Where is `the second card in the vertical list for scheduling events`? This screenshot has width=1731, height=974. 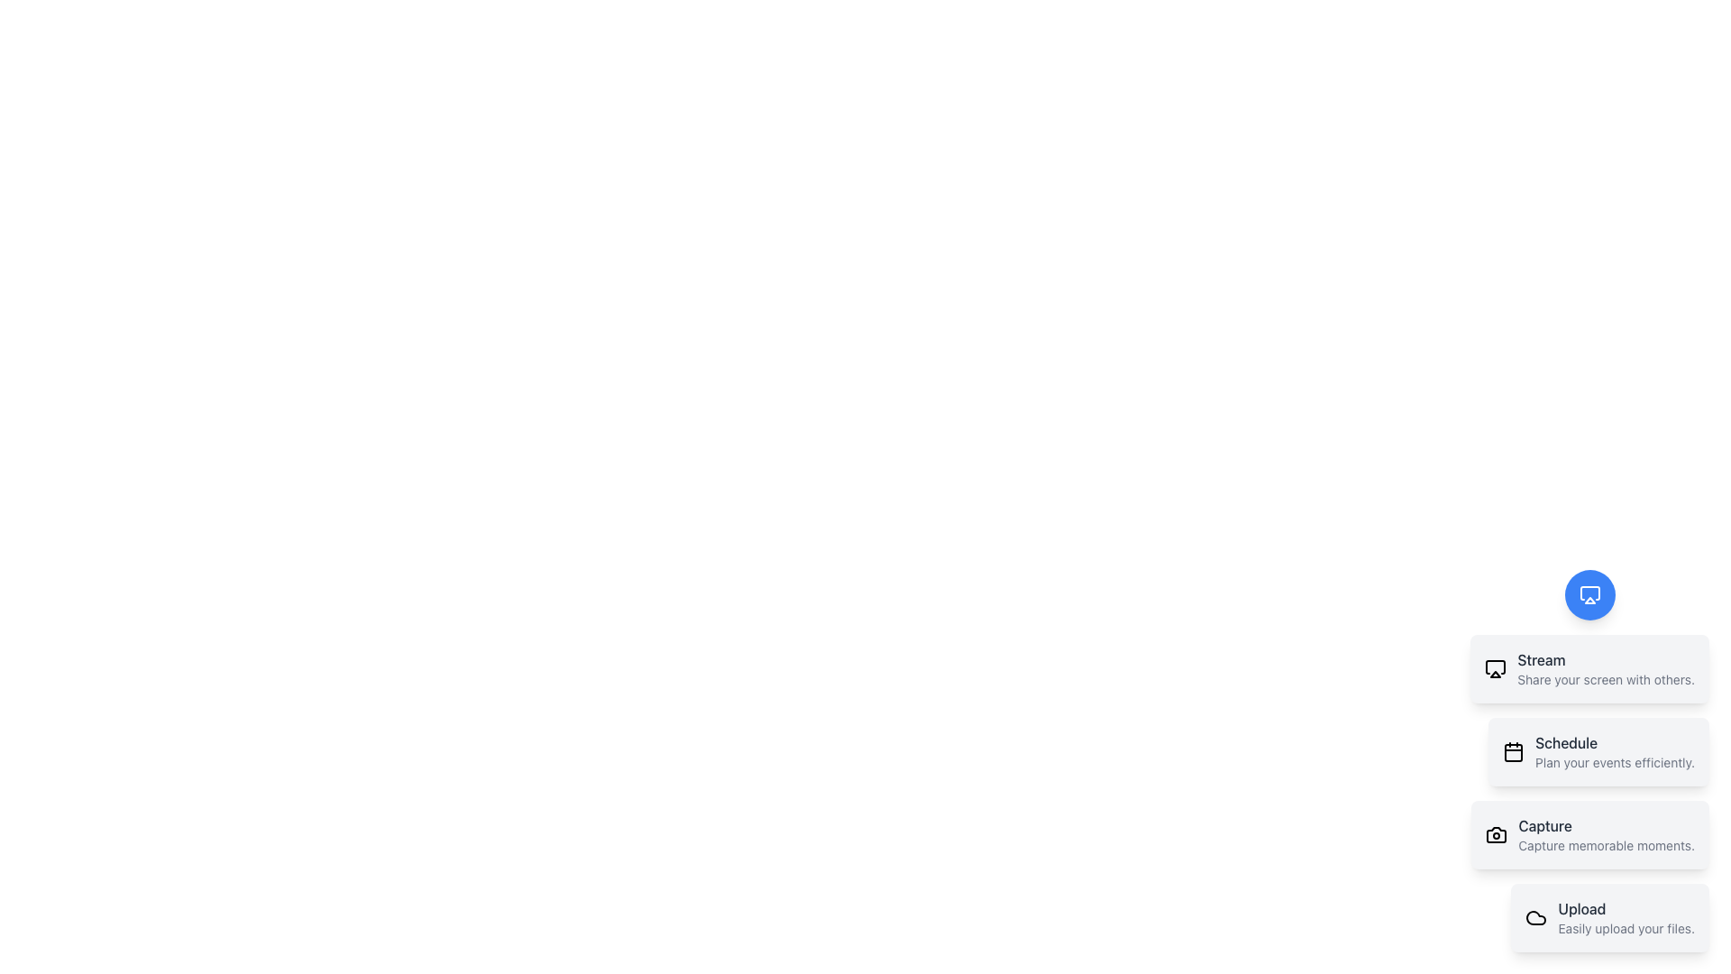
the second card in the vertical list for scheduling events is located at coordinates (1589, 792).